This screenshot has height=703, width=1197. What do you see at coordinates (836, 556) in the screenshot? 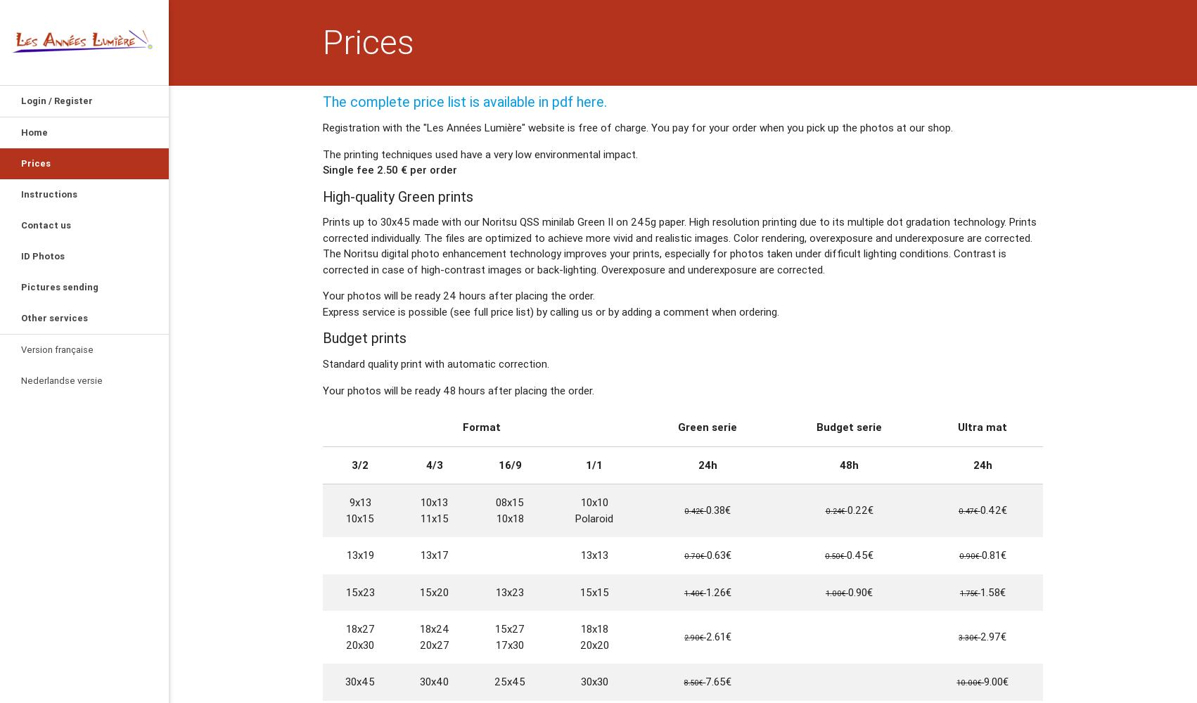
I see `'0.50€'` at bounding box center [836, 556].